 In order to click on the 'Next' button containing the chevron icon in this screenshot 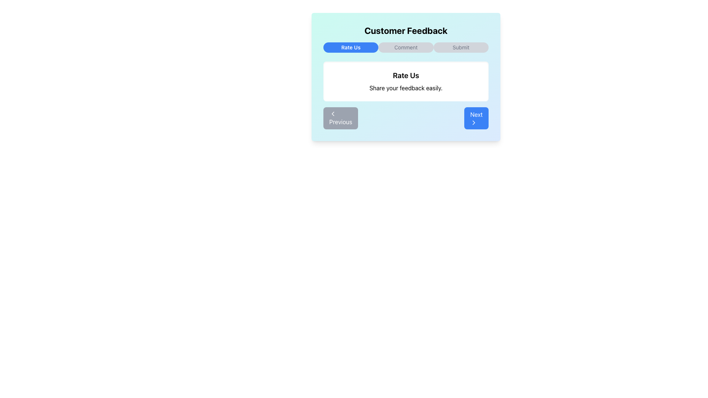, I will do `click(474, 122)`.